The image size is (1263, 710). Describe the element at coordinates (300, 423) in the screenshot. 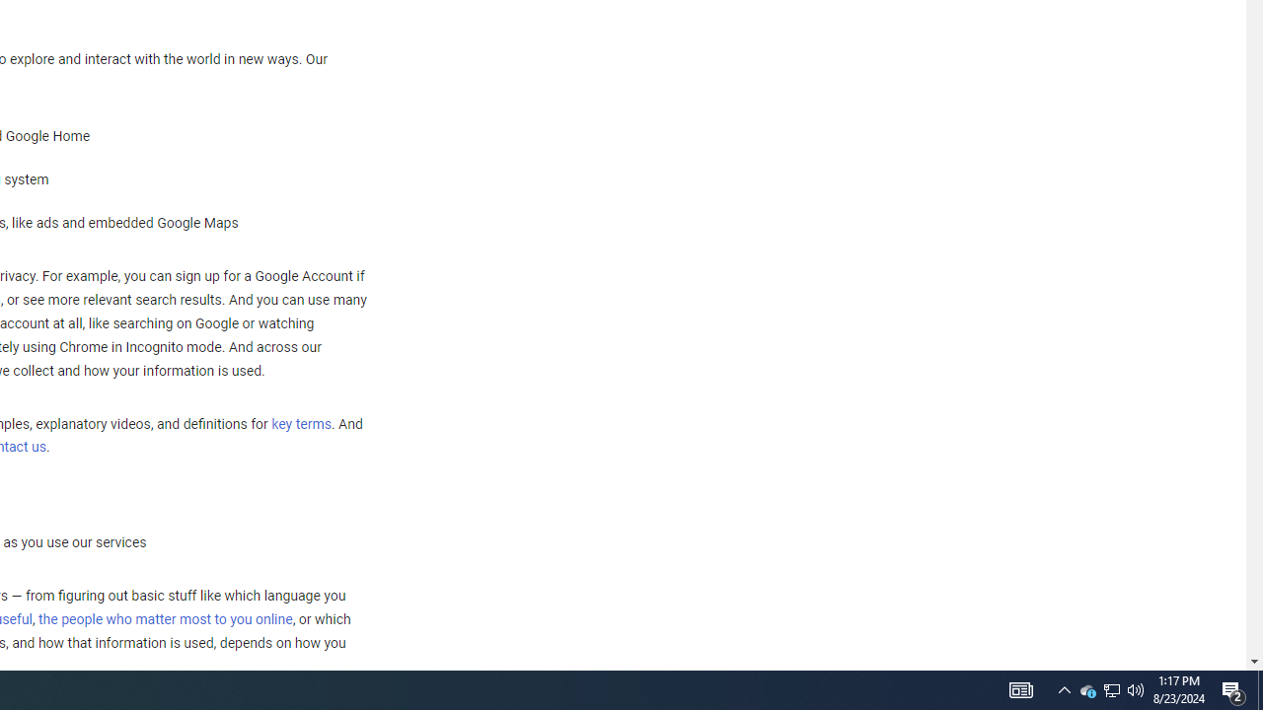

I see `'key terms'` at that location.